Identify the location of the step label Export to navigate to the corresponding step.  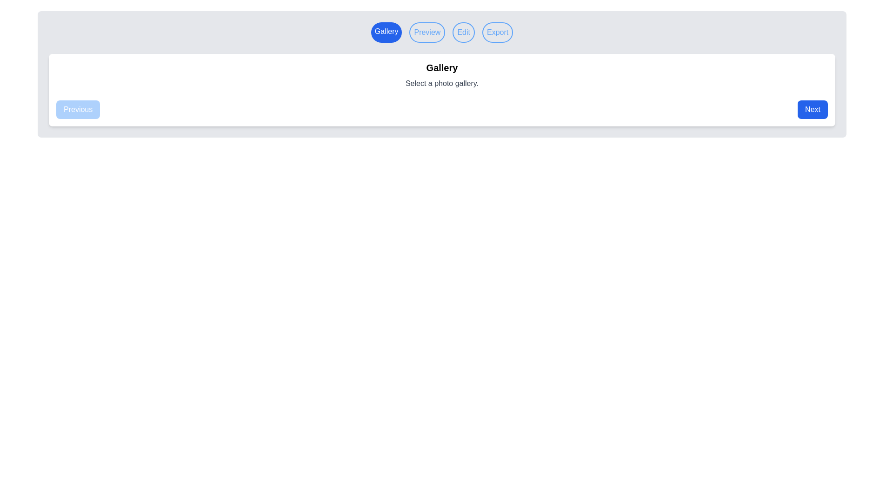
(497, 32).